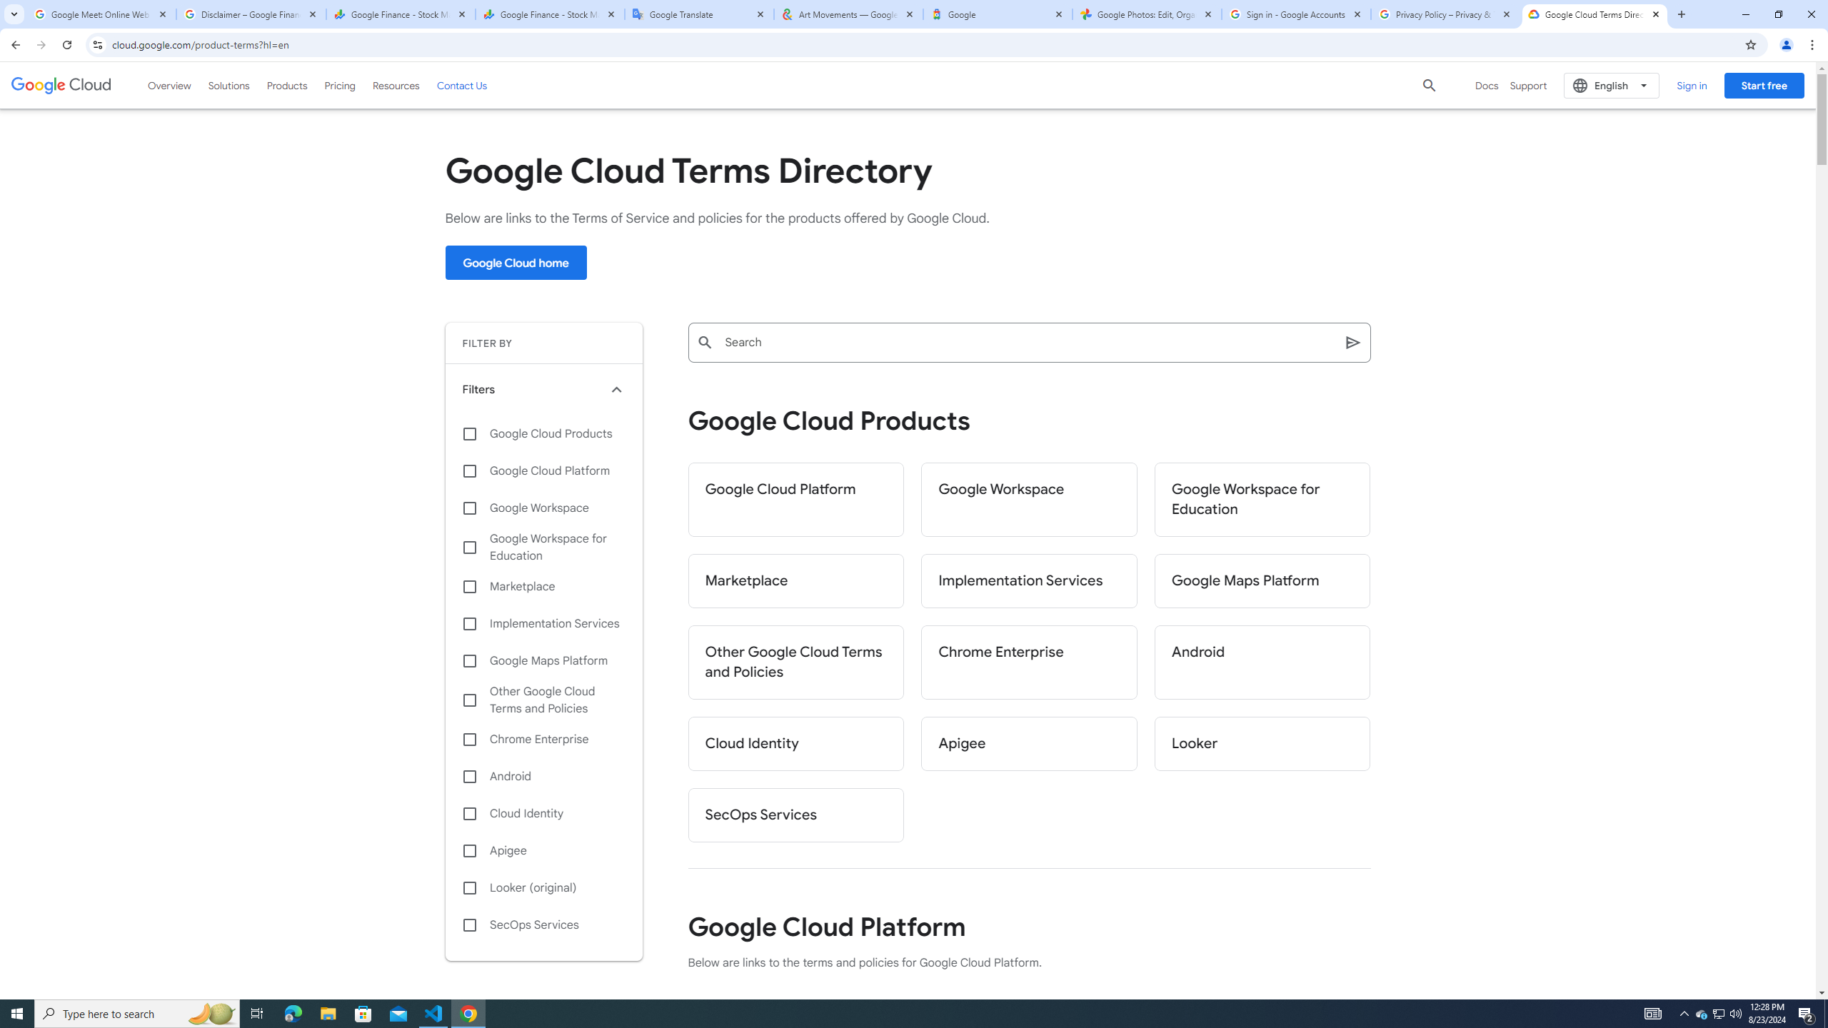  Describe the element at coordinates (228, 84) in the screenshot. I see `'Solutions'` at that location.